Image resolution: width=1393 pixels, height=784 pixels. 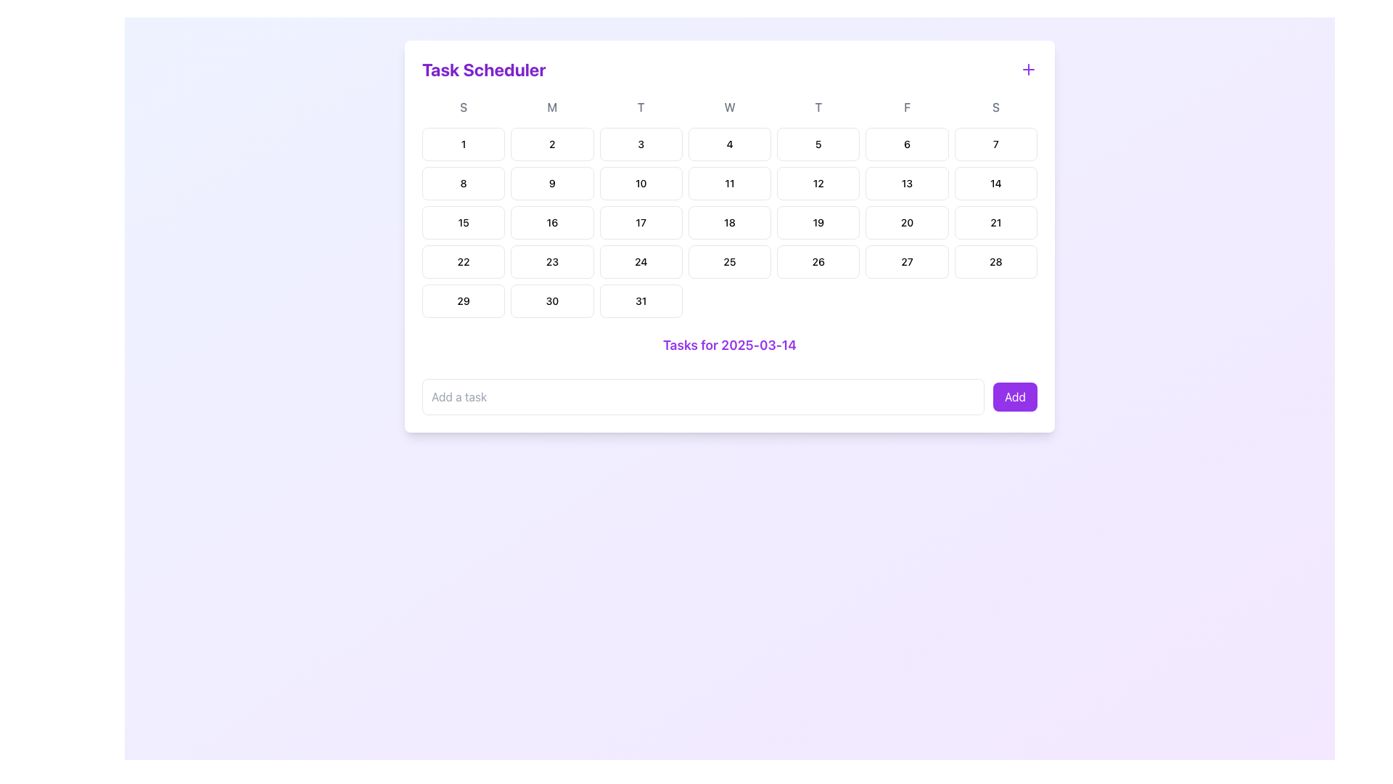 I want to click on the square-shaped button with rounded corners displaying the number '29' in the calendar grid layout, located in the first cell of the last row under the S column header, so click(x=463, y=301).